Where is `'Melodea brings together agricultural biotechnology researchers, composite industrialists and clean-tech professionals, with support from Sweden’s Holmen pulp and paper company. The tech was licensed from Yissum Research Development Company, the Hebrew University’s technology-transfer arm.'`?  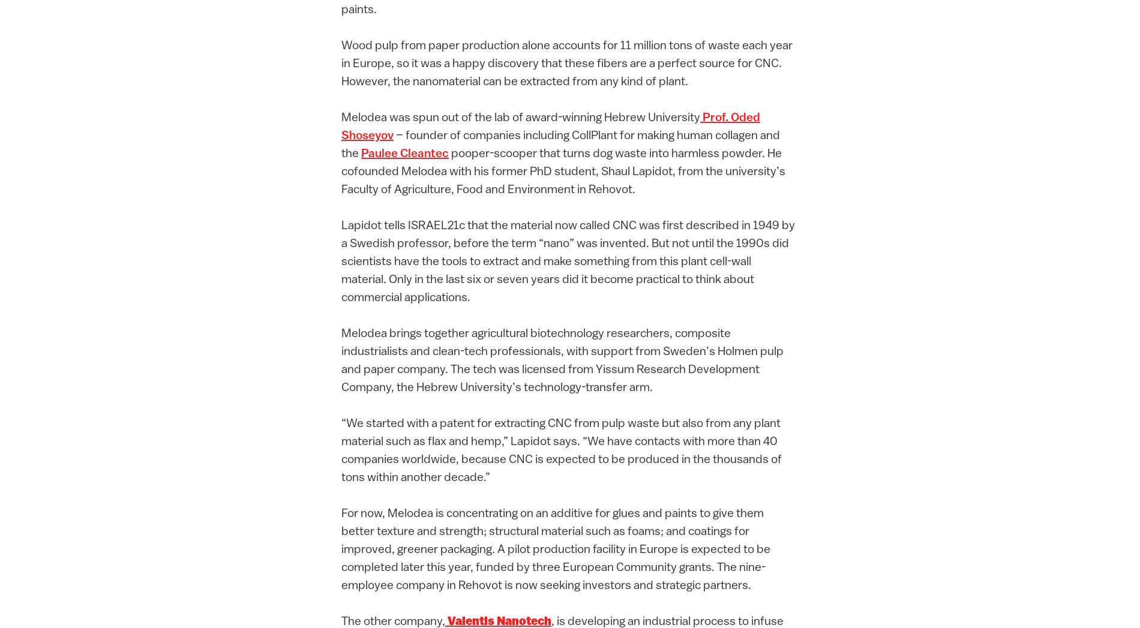
'Melodea brings together agricultural biotechnology researchers, composite industrialists and clean-tech professionals, with support from Sweden’s Holmen pulp and paper company. The tech was licensed from Yissum Research Development Company, the Hebrew University’s technology-transfer arm.' is located at coordinates (562, 360).